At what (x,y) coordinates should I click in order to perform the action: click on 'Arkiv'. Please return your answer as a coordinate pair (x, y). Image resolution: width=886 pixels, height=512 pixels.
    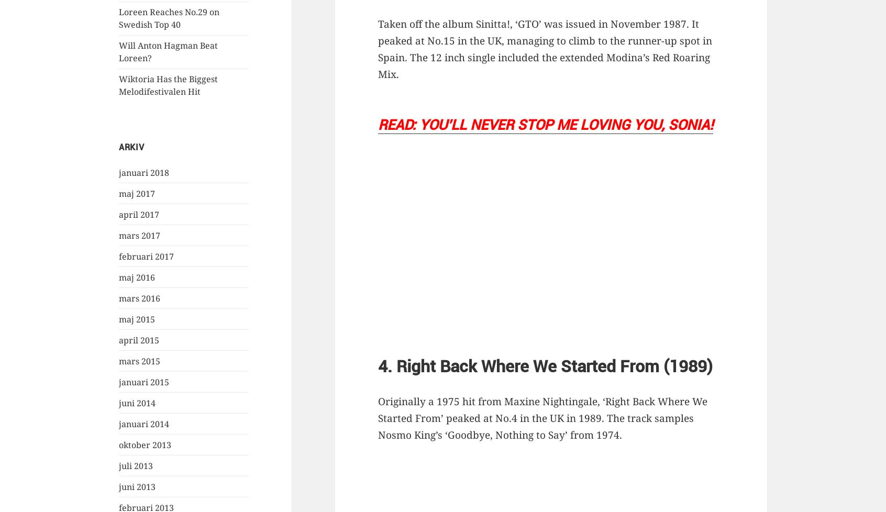
    Looking at the image, I should click on (131, 146).